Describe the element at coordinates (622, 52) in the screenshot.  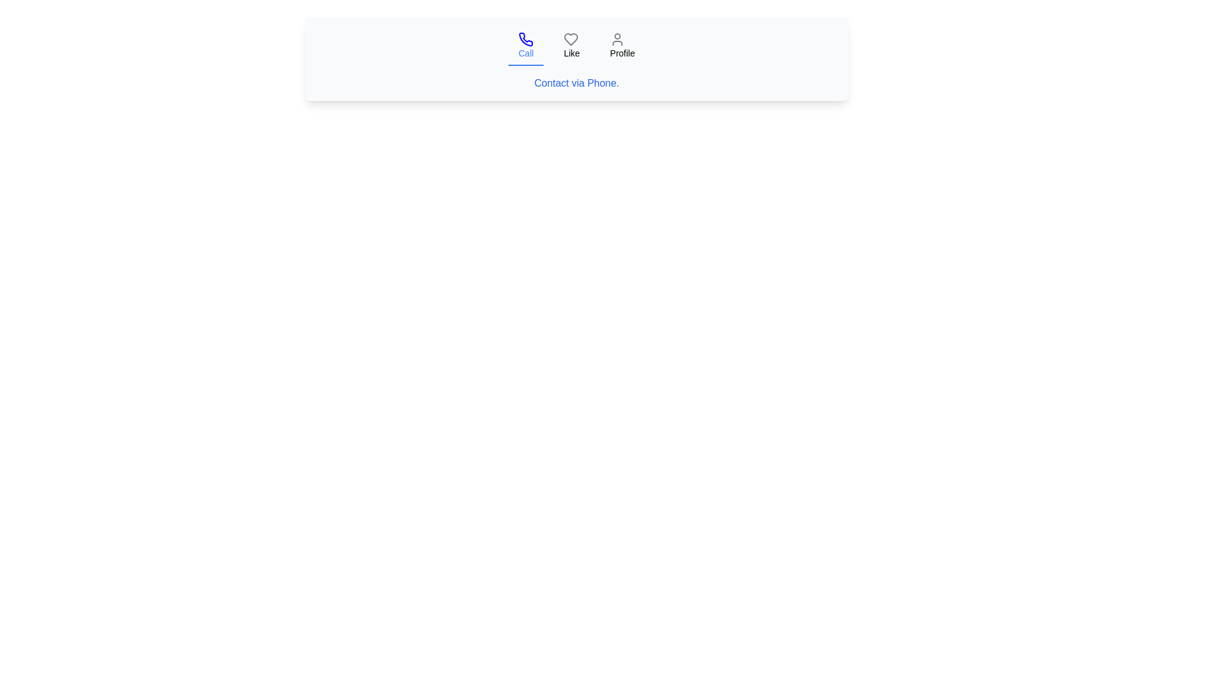
I see `the text label located at the top-right portion of the horizontal menu bar, which follows the 'Call' and 'Like' items and aligns with a user icon` at that location.